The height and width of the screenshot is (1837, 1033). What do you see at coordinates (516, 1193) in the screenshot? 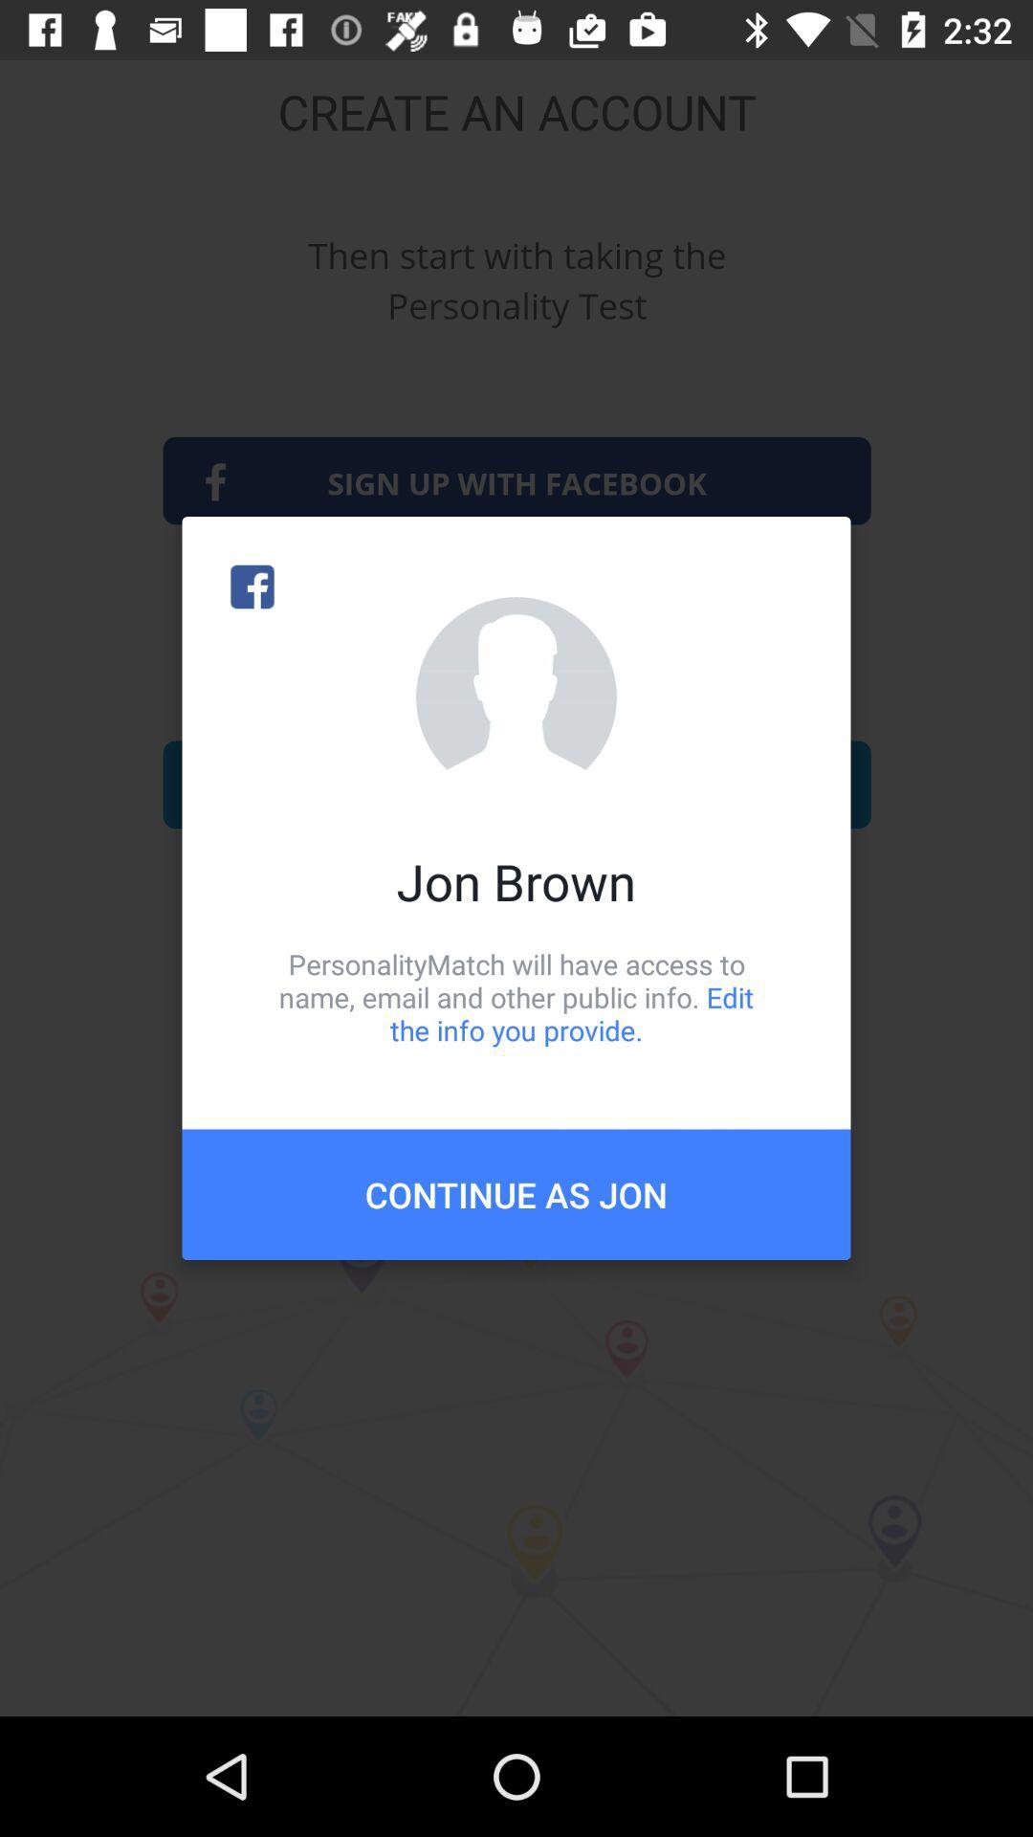
I see `the item below personalitymatch will have item` at bounding box center [516, 1193].